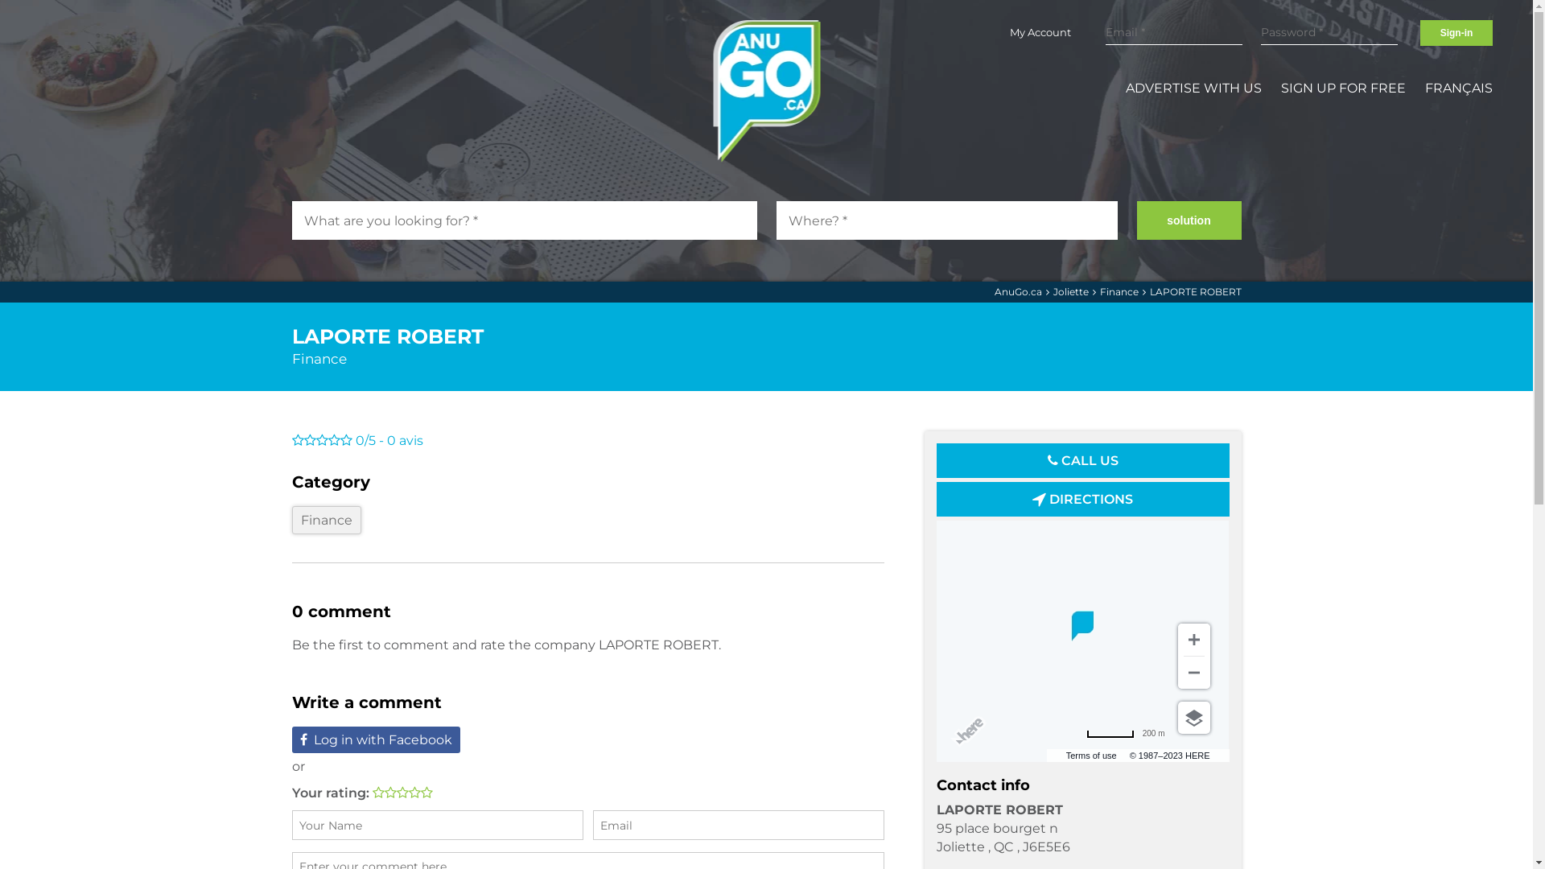  What do you see at coordinates (1082, 498) in the screenshot?
I see `'DIRECTIONS'` at bounding box center [1082, 498].